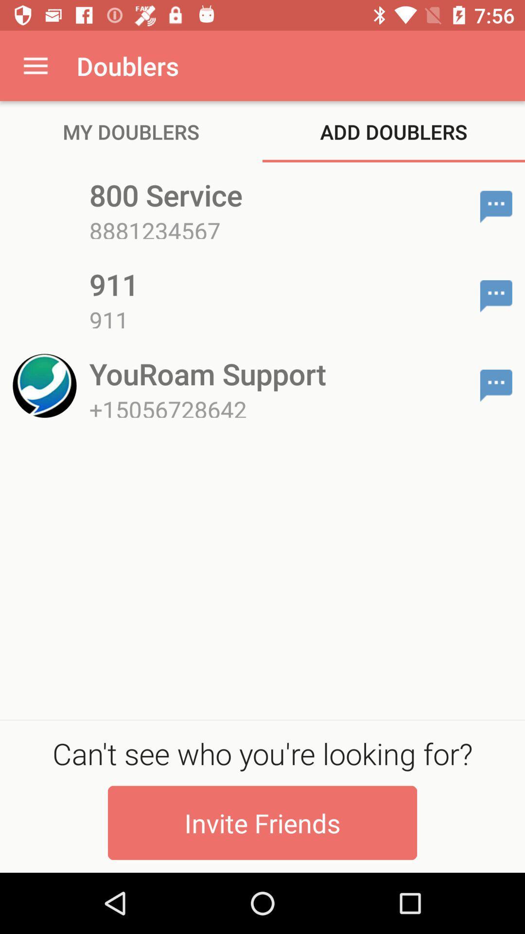 The image size is (525, 934). I want to click on compose message, so click(496, 385).